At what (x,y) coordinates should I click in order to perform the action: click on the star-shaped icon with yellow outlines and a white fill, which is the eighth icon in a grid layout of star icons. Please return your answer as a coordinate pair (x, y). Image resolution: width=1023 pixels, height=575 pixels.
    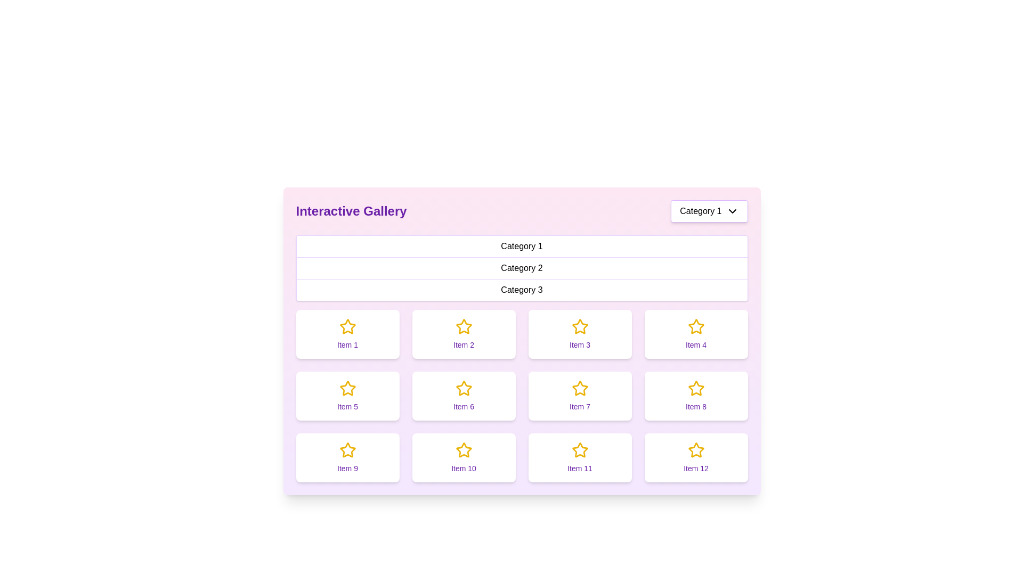
    Looking at the image, I should click on (696, 388).